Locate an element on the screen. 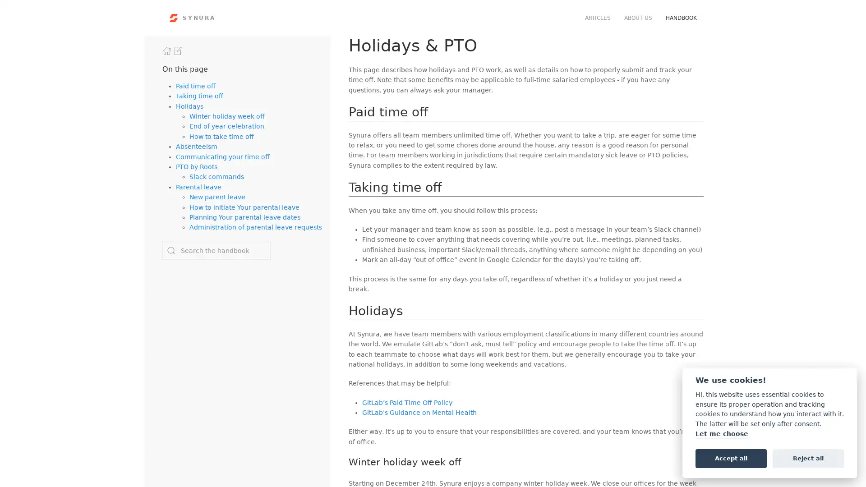 The height and width of the screenshot is (487, 866). Accept all is located at coordinates (731, 458).